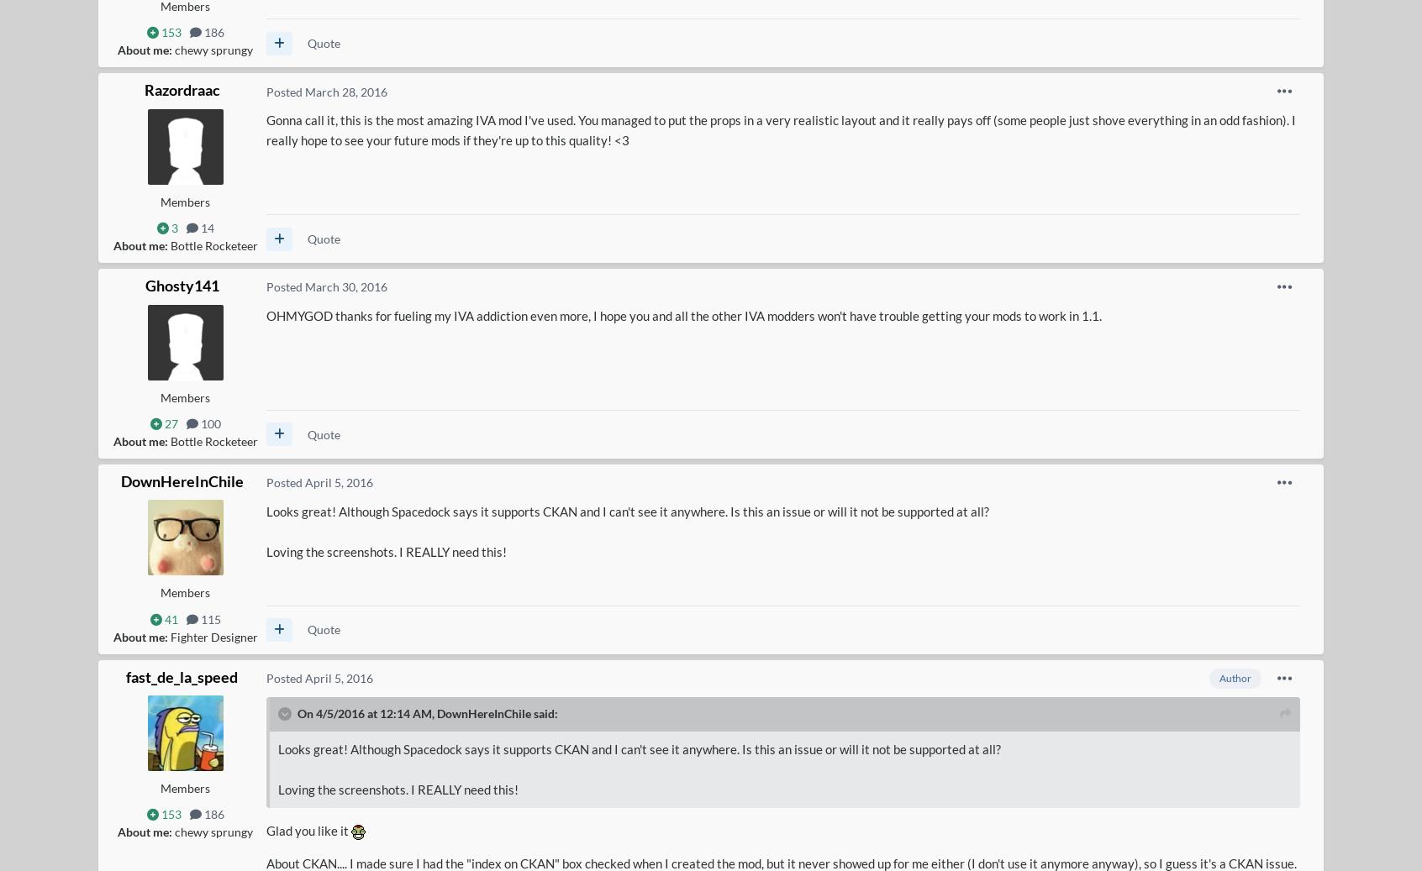  I want to click on 'About CKAN.... I made sure I had the "index on CKAN" box checked when I created the mod, but it never showed up for me either (I don't use it anymore anyway), so I guess it's a CKAN issue.', so click(265, 863).